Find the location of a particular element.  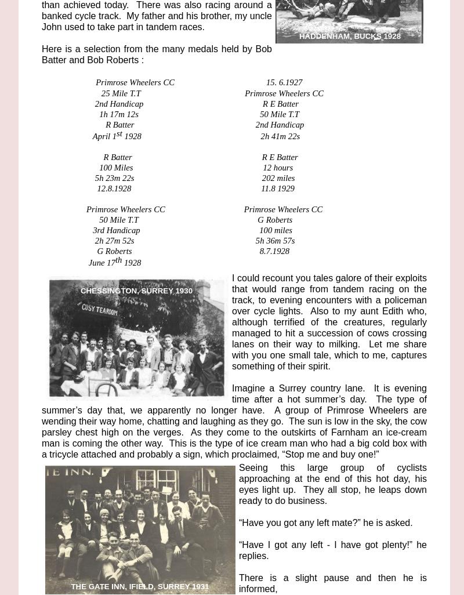

'“Have you got any left mate?” he is asked.' is located at coordinates (325, 522).